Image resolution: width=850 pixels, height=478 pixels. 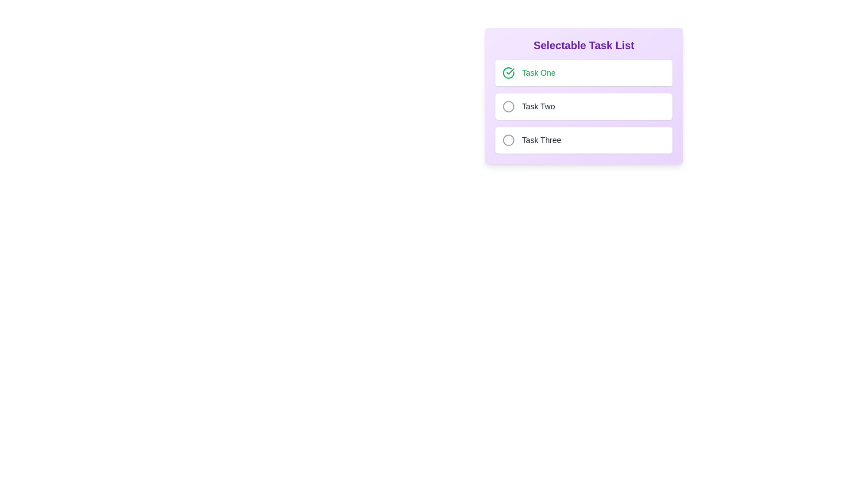 I want to click on the list item representing 'Task Two' within the selectable task list, so click(x=584, y=96).